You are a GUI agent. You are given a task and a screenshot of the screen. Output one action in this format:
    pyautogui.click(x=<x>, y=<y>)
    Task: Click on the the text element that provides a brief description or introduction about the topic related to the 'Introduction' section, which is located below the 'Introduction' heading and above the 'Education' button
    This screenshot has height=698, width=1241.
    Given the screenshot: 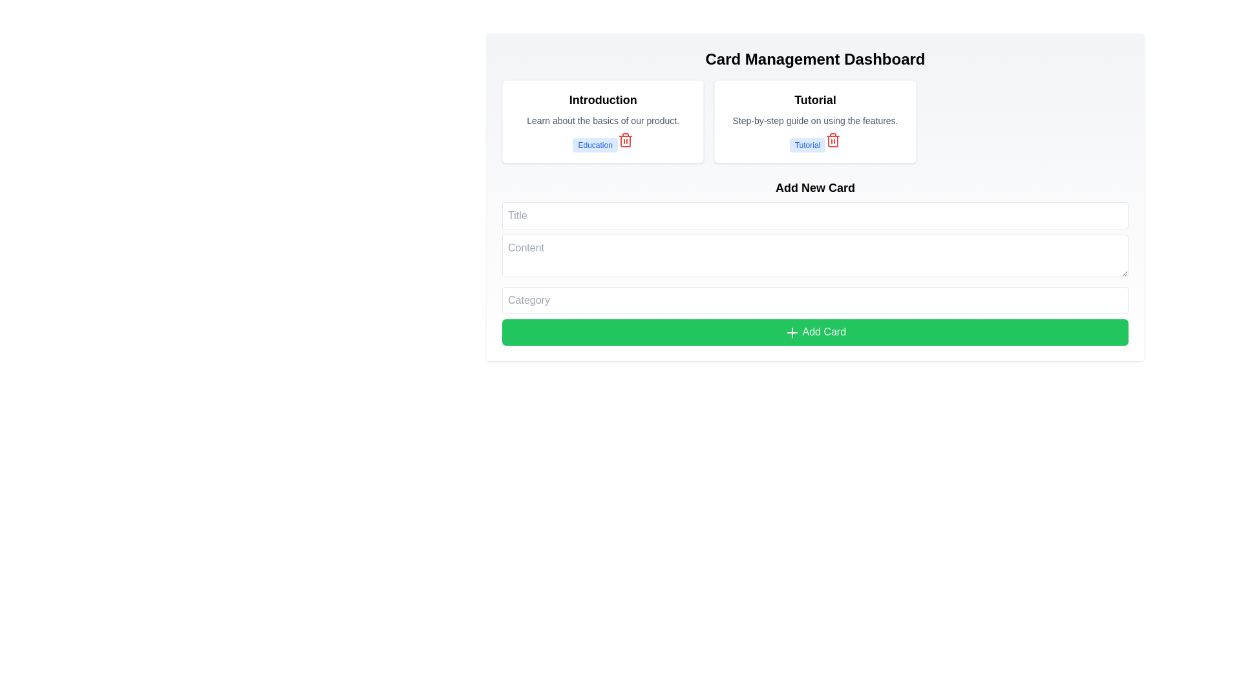 What is the action you would take?
    pyautogui.click(x=602, y=120)
    